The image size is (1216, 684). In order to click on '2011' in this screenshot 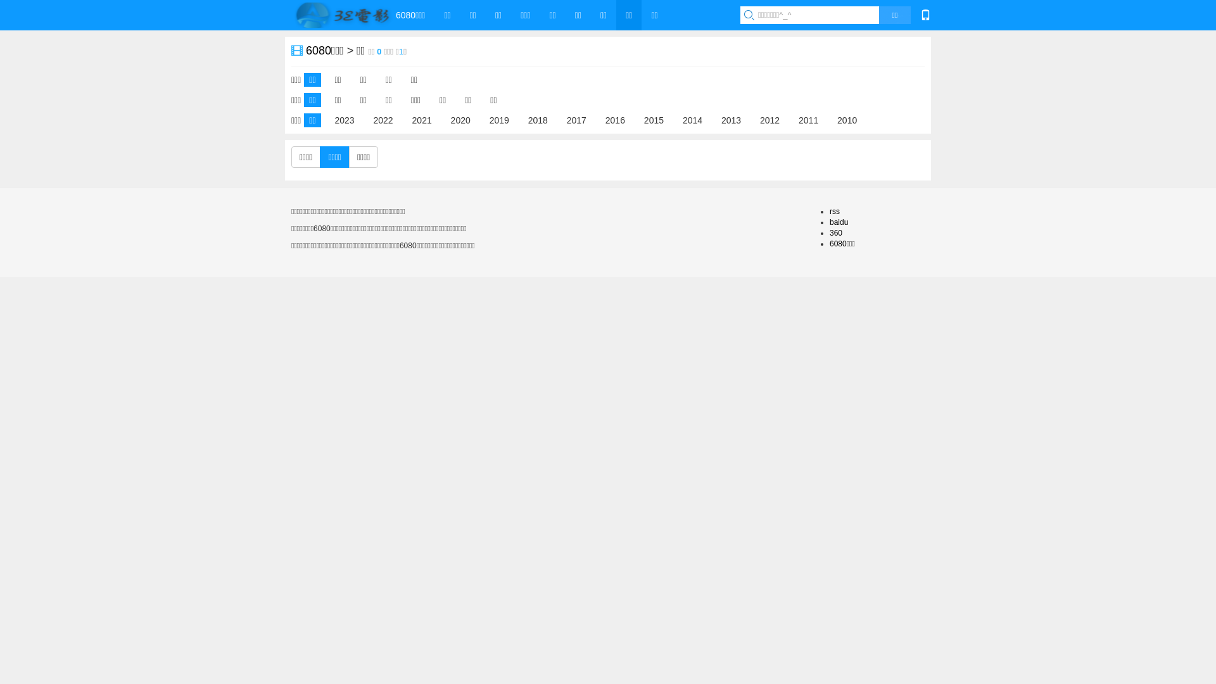, I will do `click(792, 120)`.